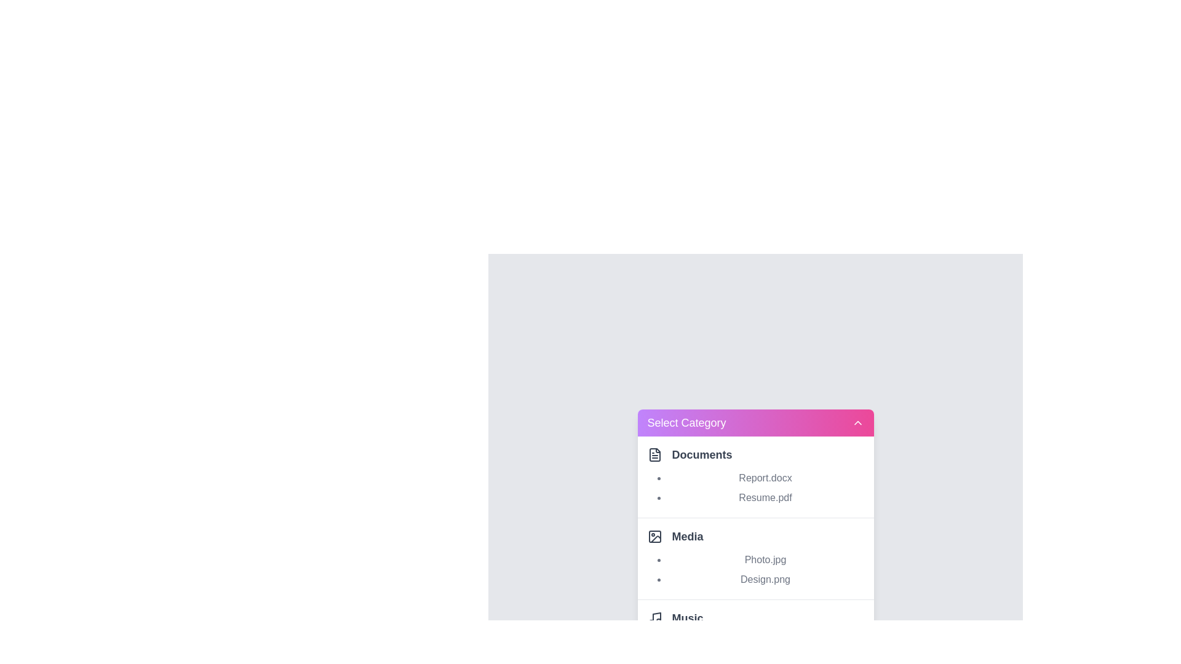 This screenshot has width=1181, height=664. I want to click on the 'Media' category text label, so click(687, 536).